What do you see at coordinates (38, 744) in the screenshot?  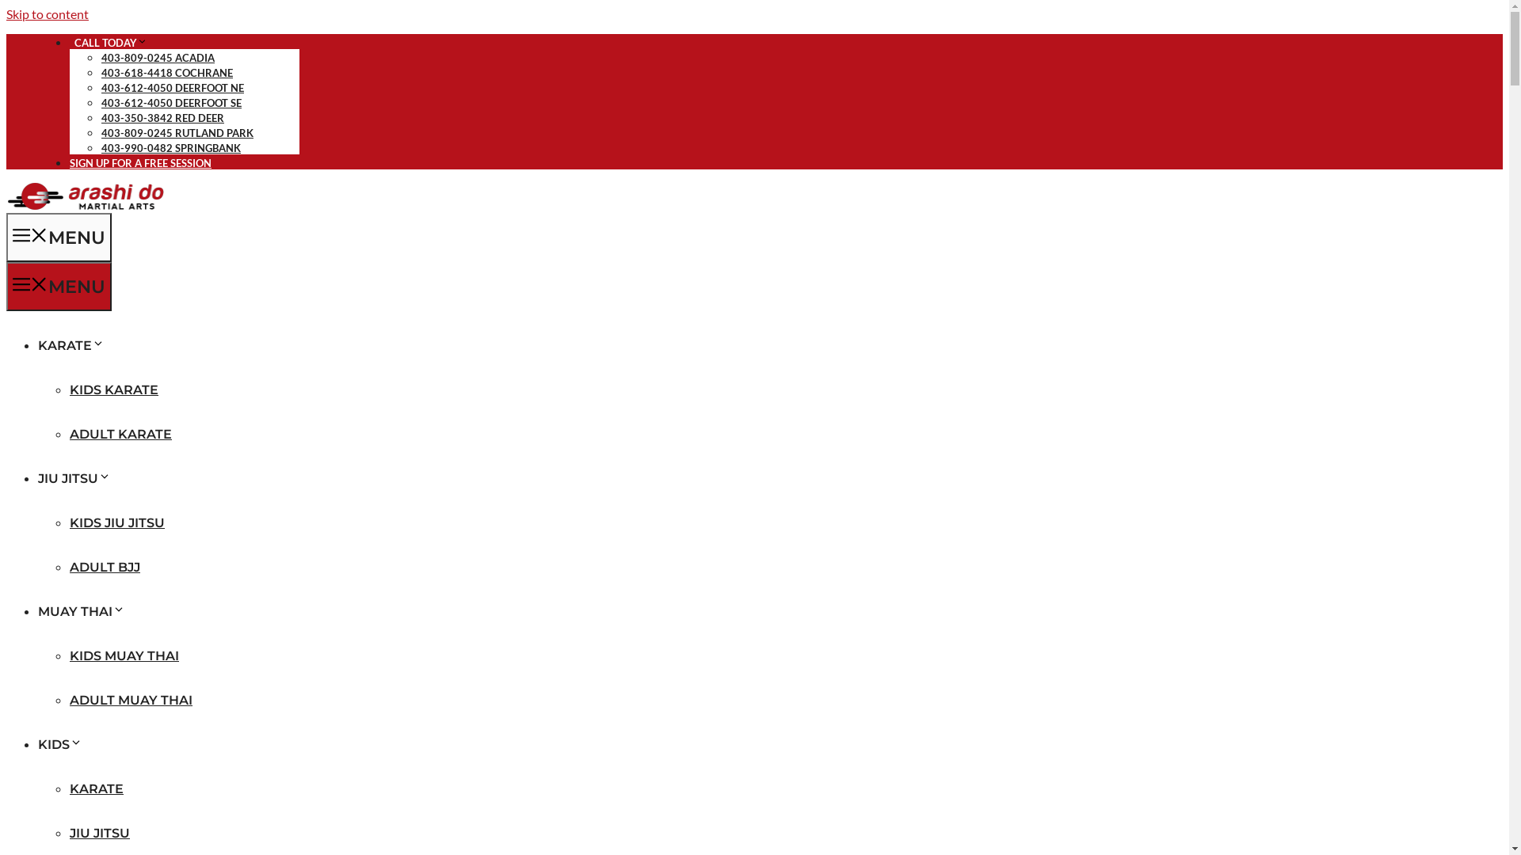 I see `'KIDS'` at bounding box center [38, 744].